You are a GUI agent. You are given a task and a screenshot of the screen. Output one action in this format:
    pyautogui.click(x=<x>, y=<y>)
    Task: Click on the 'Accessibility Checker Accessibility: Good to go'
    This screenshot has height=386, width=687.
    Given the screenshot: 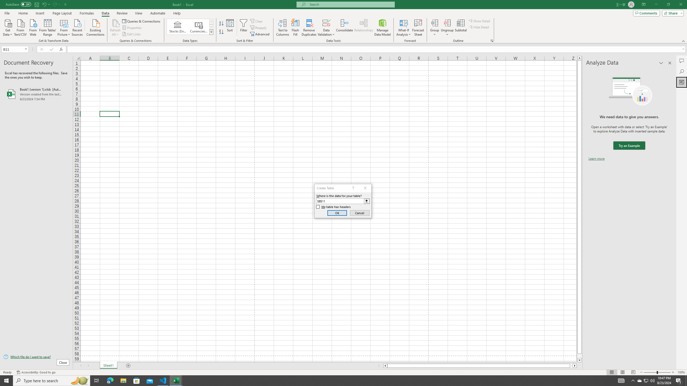 What is the action you would take?
    pyautogui.click(x=36, y=372)
    